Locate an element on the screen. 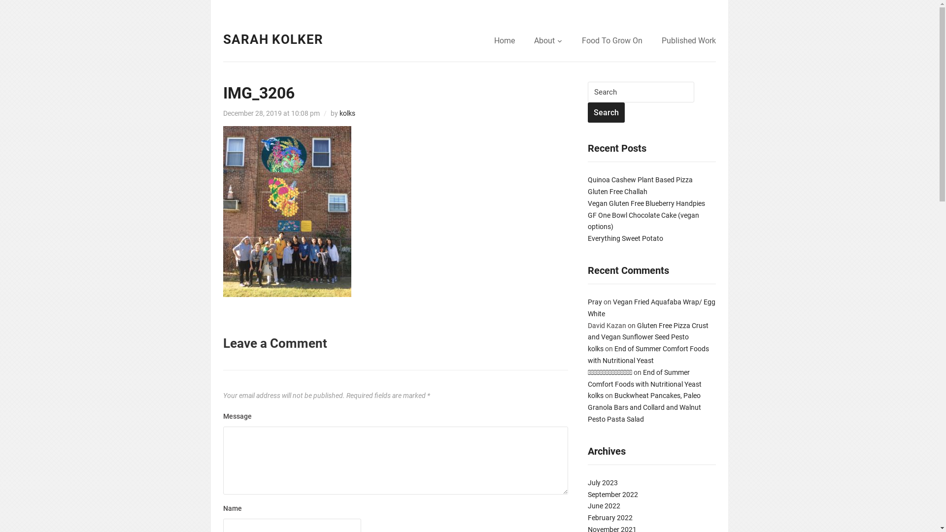  'Quinoa Cashew Plant Based Pizza' is located at coordinates (640, 180).